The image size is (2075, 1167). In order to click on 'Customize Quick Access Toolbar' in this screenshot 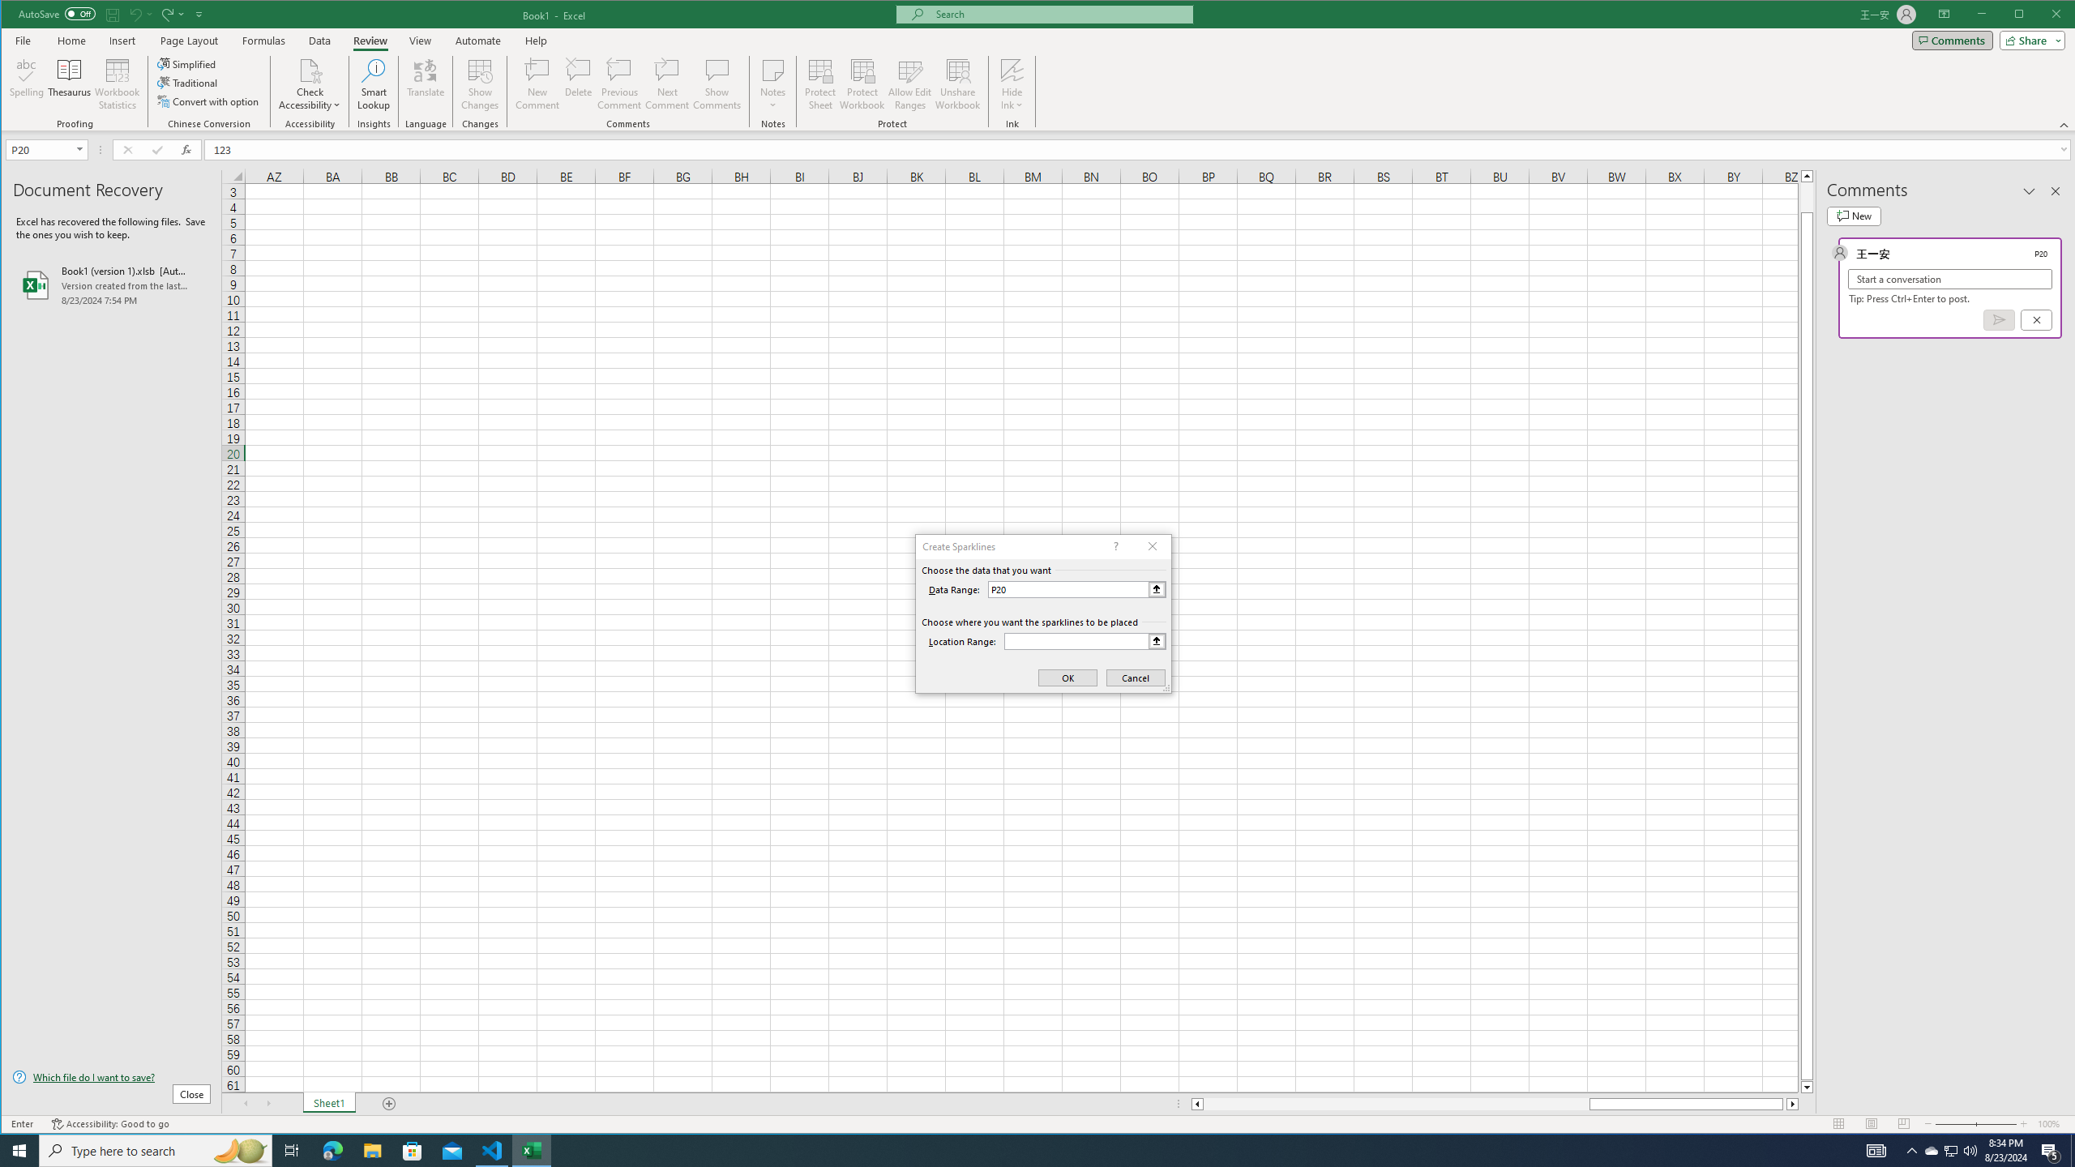, I will do `click(199, 13)`.